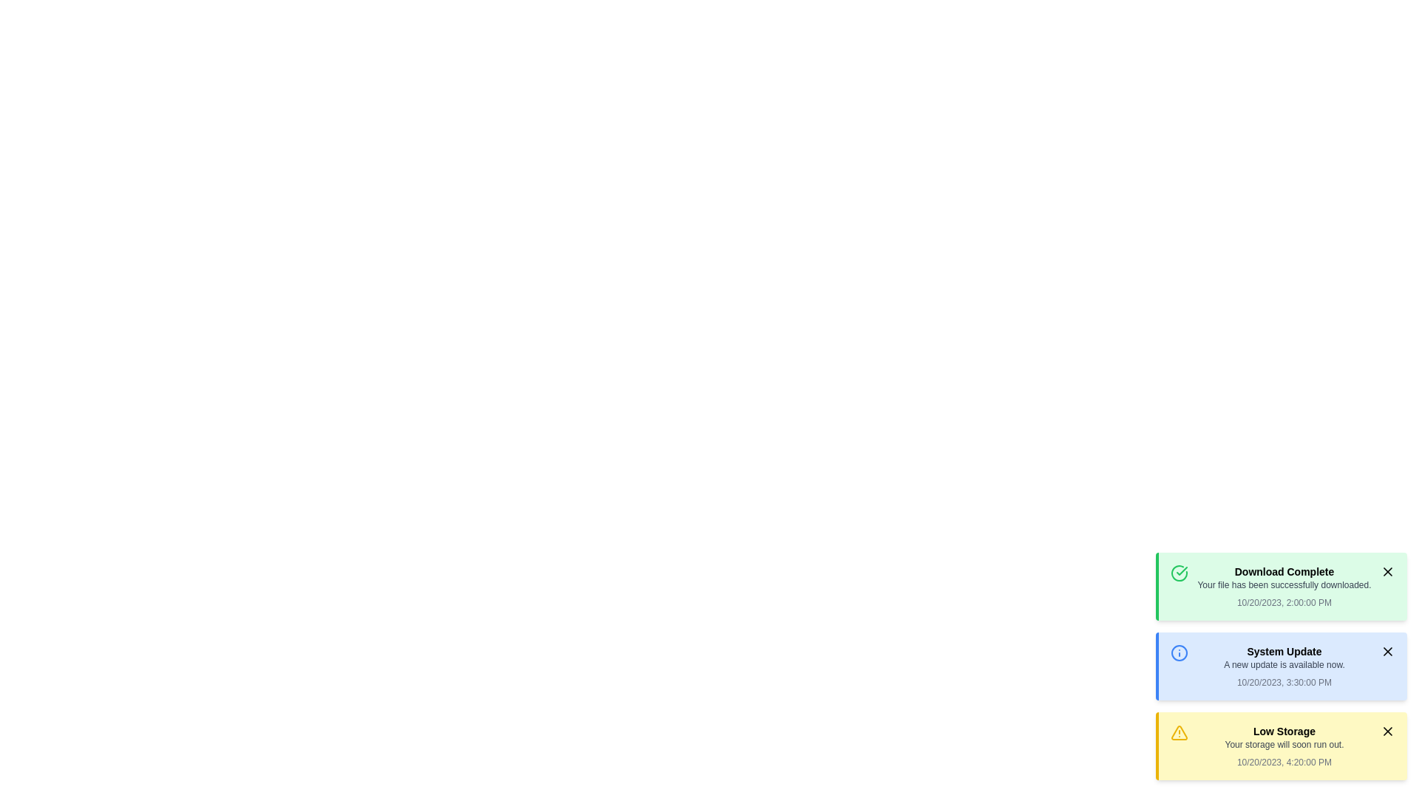  What do you see at coordinates (1283, 731) in the screenshot?
I see `the bold 'Low Storage' text located at the top of the yellow notification card in the vertical list of notifications` at bounding box center [1283, 731].